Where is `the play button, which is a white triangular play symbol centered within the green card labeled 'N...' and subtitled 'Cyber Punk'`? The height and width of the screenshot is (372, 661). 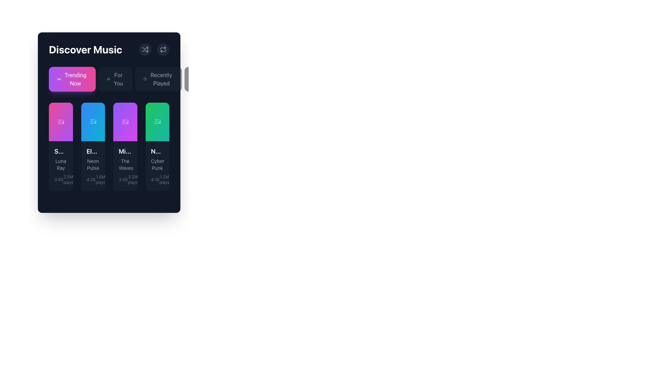 the play button, which is a white triangular play symbol centered within the green card labeled 'N...' and subtitled 'Cyber Punk' is located at coordinates (157, 122).